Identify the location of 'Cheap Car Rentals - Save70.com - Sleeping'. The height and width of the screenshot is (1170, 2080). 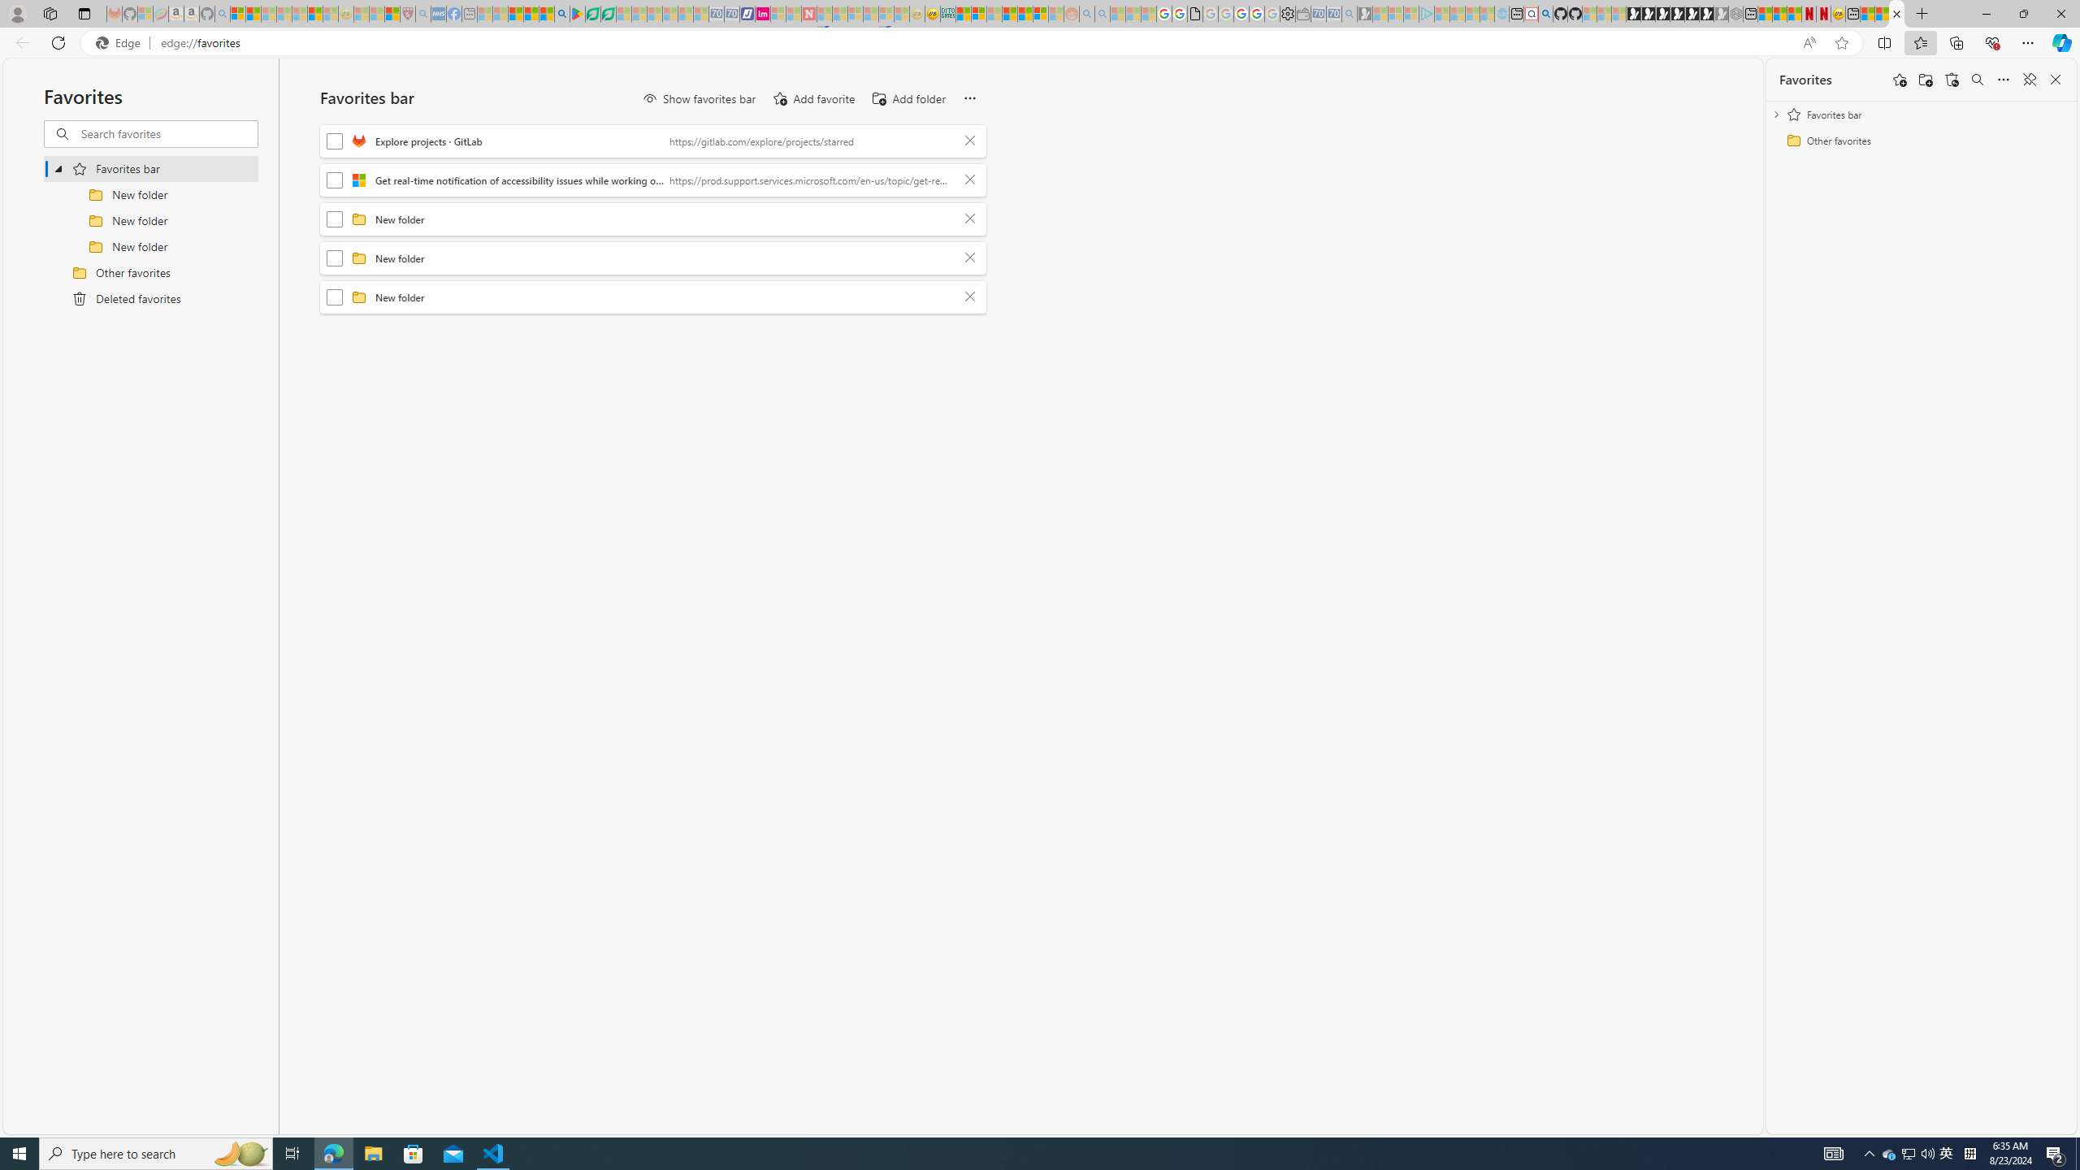
(1332, 13).